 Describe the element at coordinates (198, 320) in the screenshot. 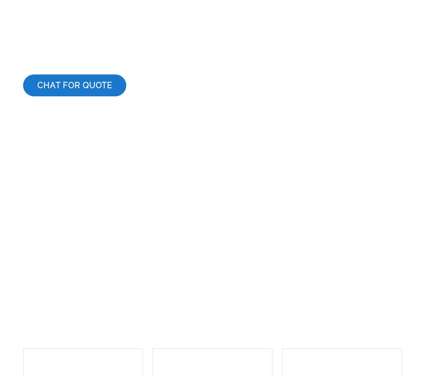

I see `'AUS'` at that location.